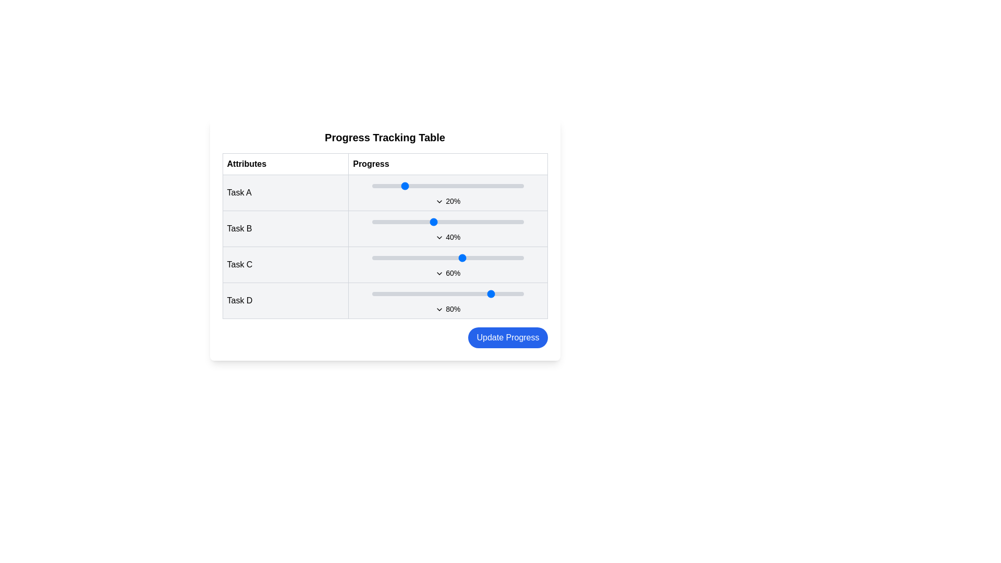 The width and height of the screenshot is (1001, 563). Describe the element at coordinates (396, 293) in the screenshot. I see `progress for Task D` at that location.